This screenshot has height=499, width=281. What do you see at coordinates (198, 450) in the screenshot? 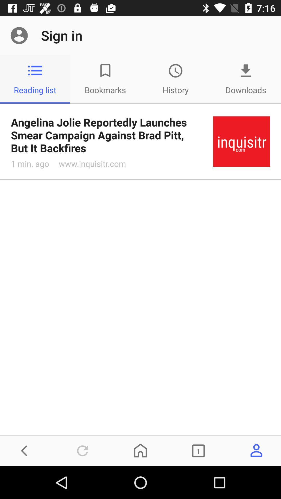
I see `the copy icon` at bounding box center [198, 450].